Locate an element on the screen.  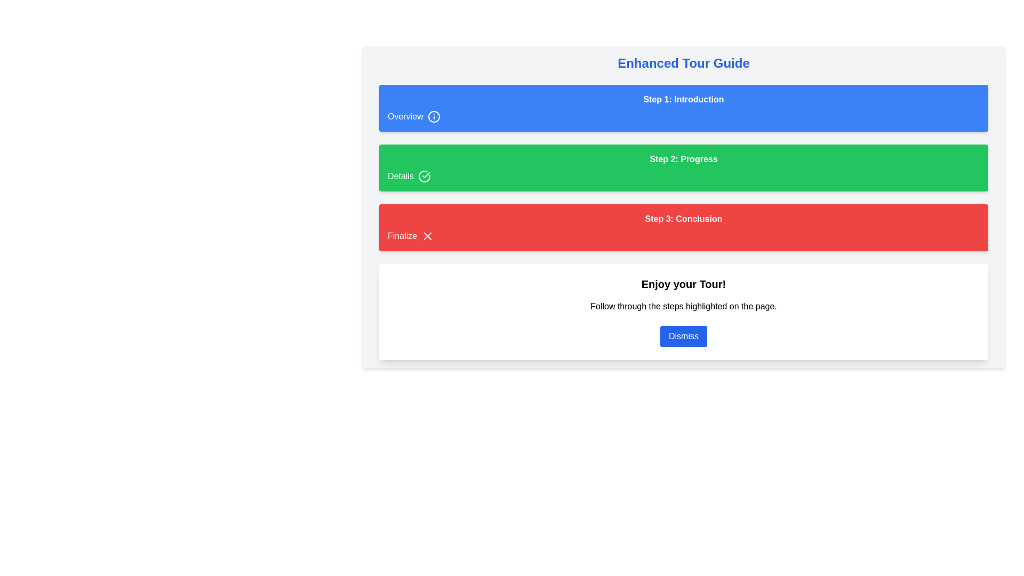
informative section indicating the second step of the guided process, located directly below 'Step 1: Introduction' and above 'Step 3: Conclusion' is located at coordinates (683, 168).